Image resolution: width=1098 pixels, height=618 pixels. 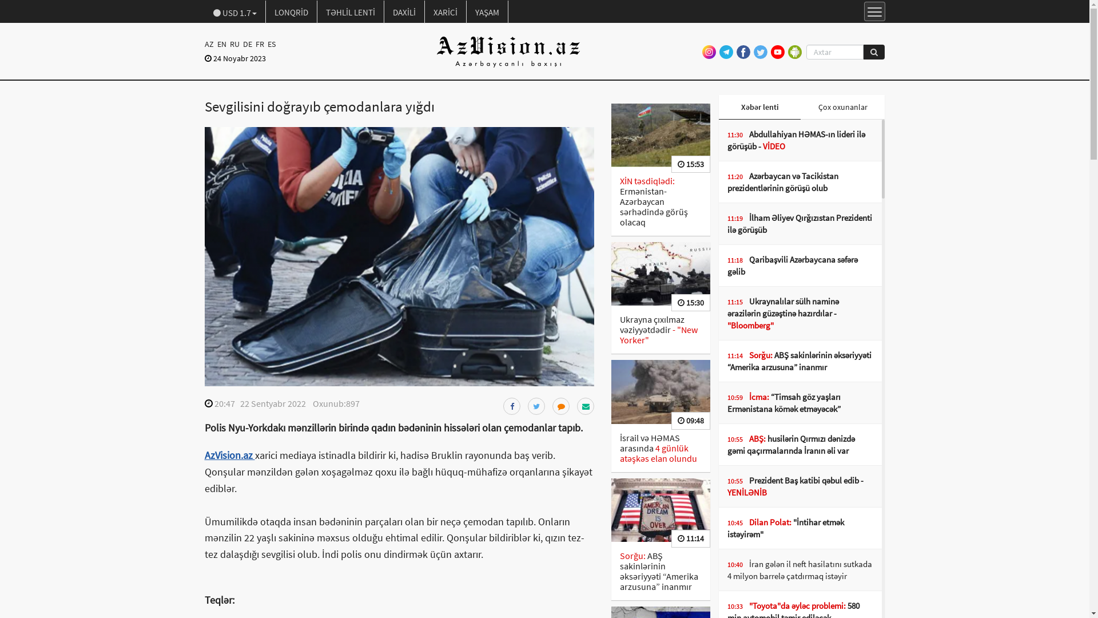 I want to click on 'ES', so click(x=270, y=43).